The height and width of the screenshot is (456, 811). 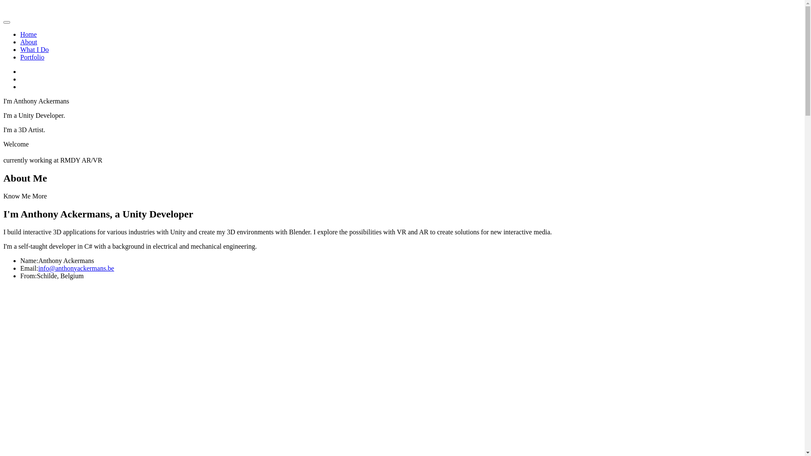 What do you see at coordinates (28, 34) in the screenshot?
I see `'Home'` at bounding box center [28, 34].